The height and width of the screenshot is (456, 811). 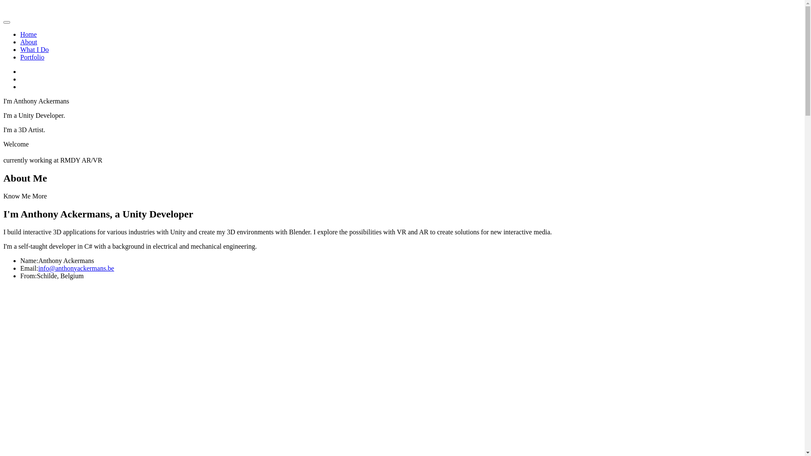 What do you see at coordinates (28, 34) in the screenshot?
I see `'Home'` at bounding box center [28, 34].